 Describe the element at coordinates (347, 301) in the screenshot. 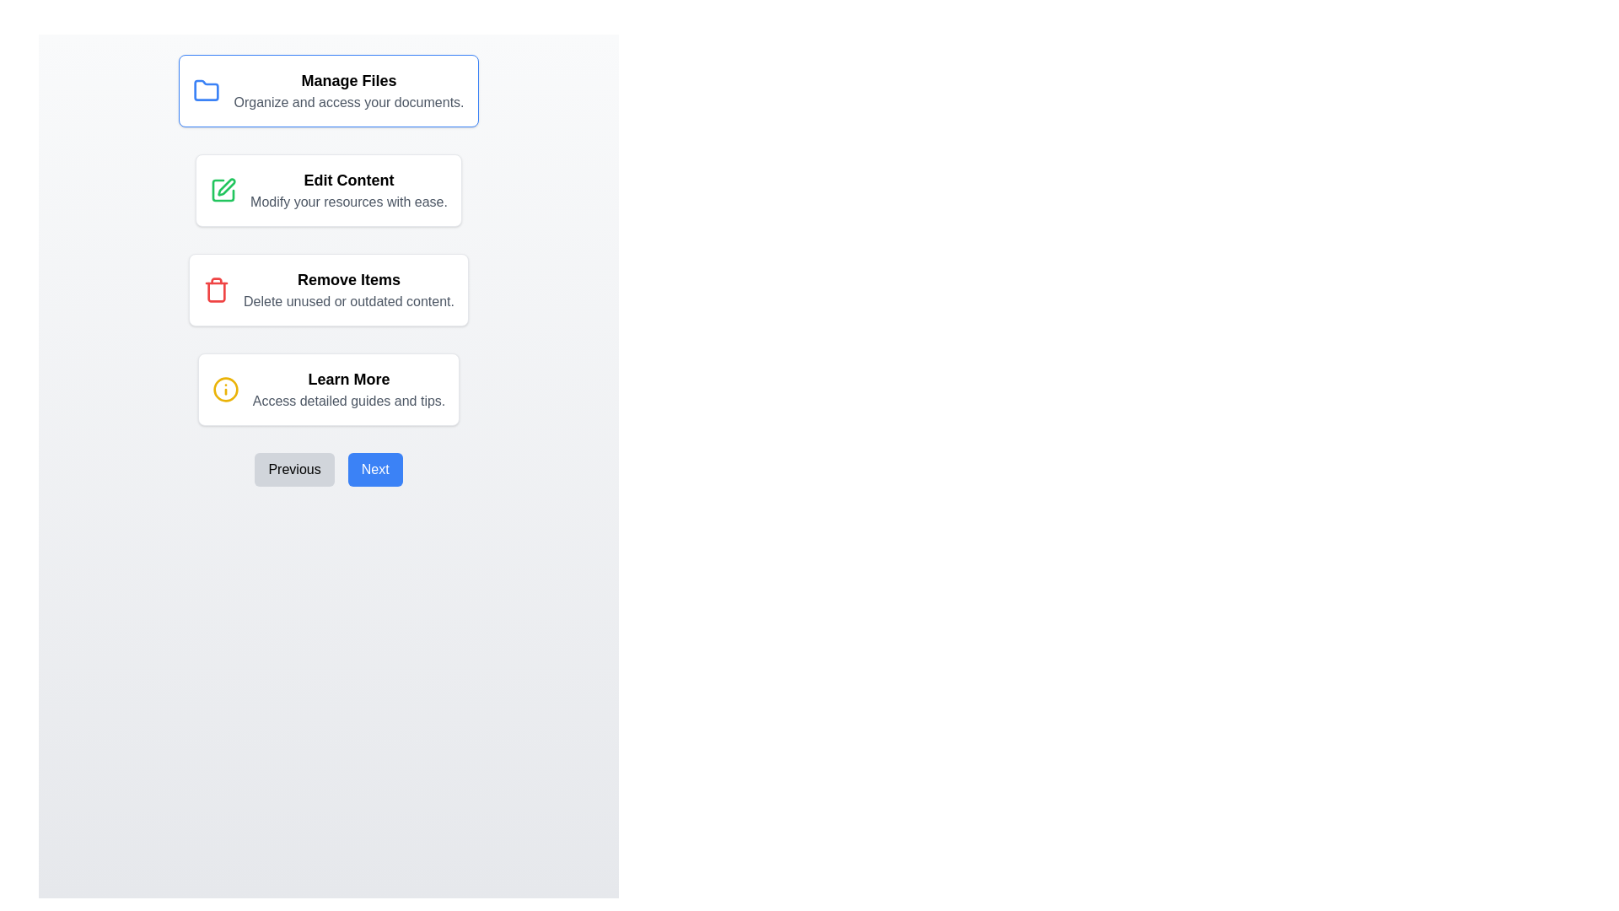

I see `the static text label displaying 'Delete unused or outdated content.' which is located below the 'Remove Items' heading` at that location.